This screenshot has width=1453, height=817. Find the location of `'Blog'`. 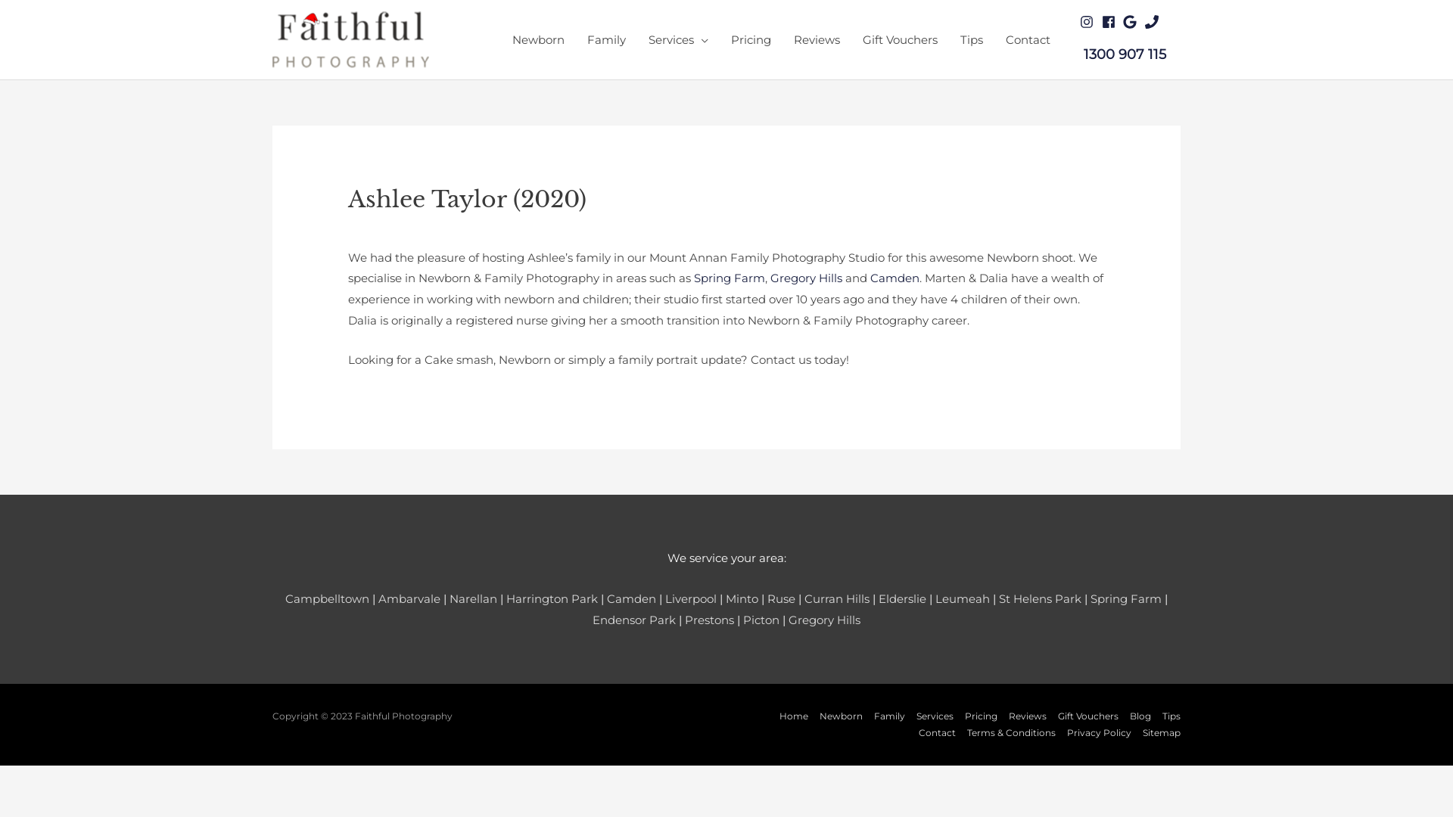

'Blog' is located at coordinates (1136, 715).